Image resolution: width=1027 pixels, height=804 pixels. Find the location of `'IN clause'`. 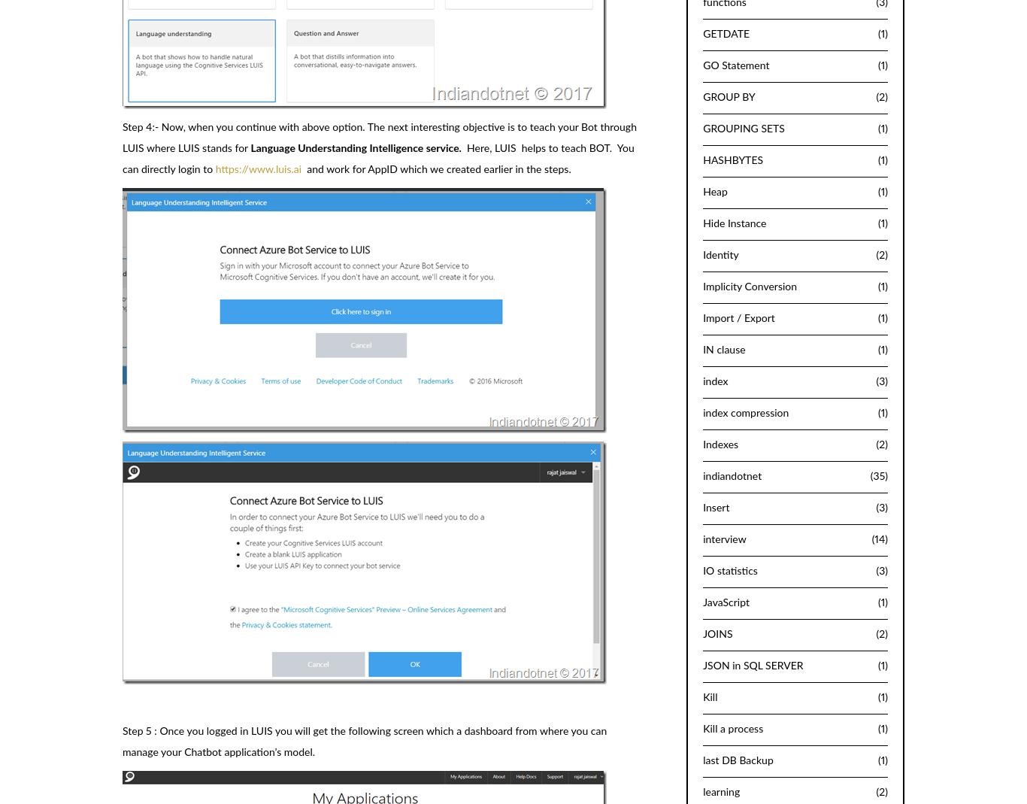

'IN clause' is located at coordinates (724, 349).